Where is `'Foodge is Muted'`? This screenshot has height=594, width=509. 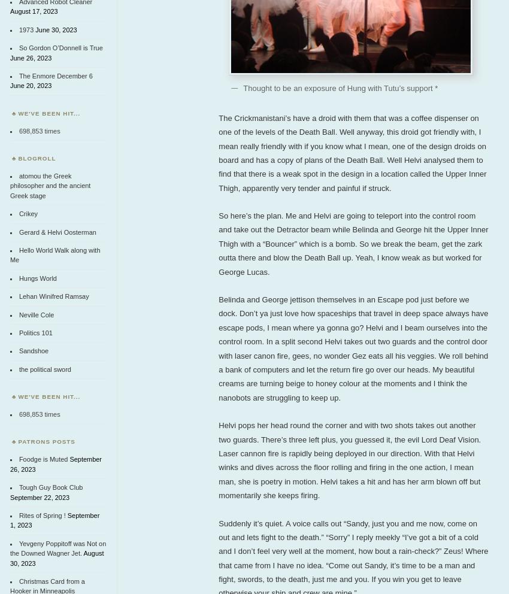
'Foodge is Muted' is located at coordinates (43, 459).